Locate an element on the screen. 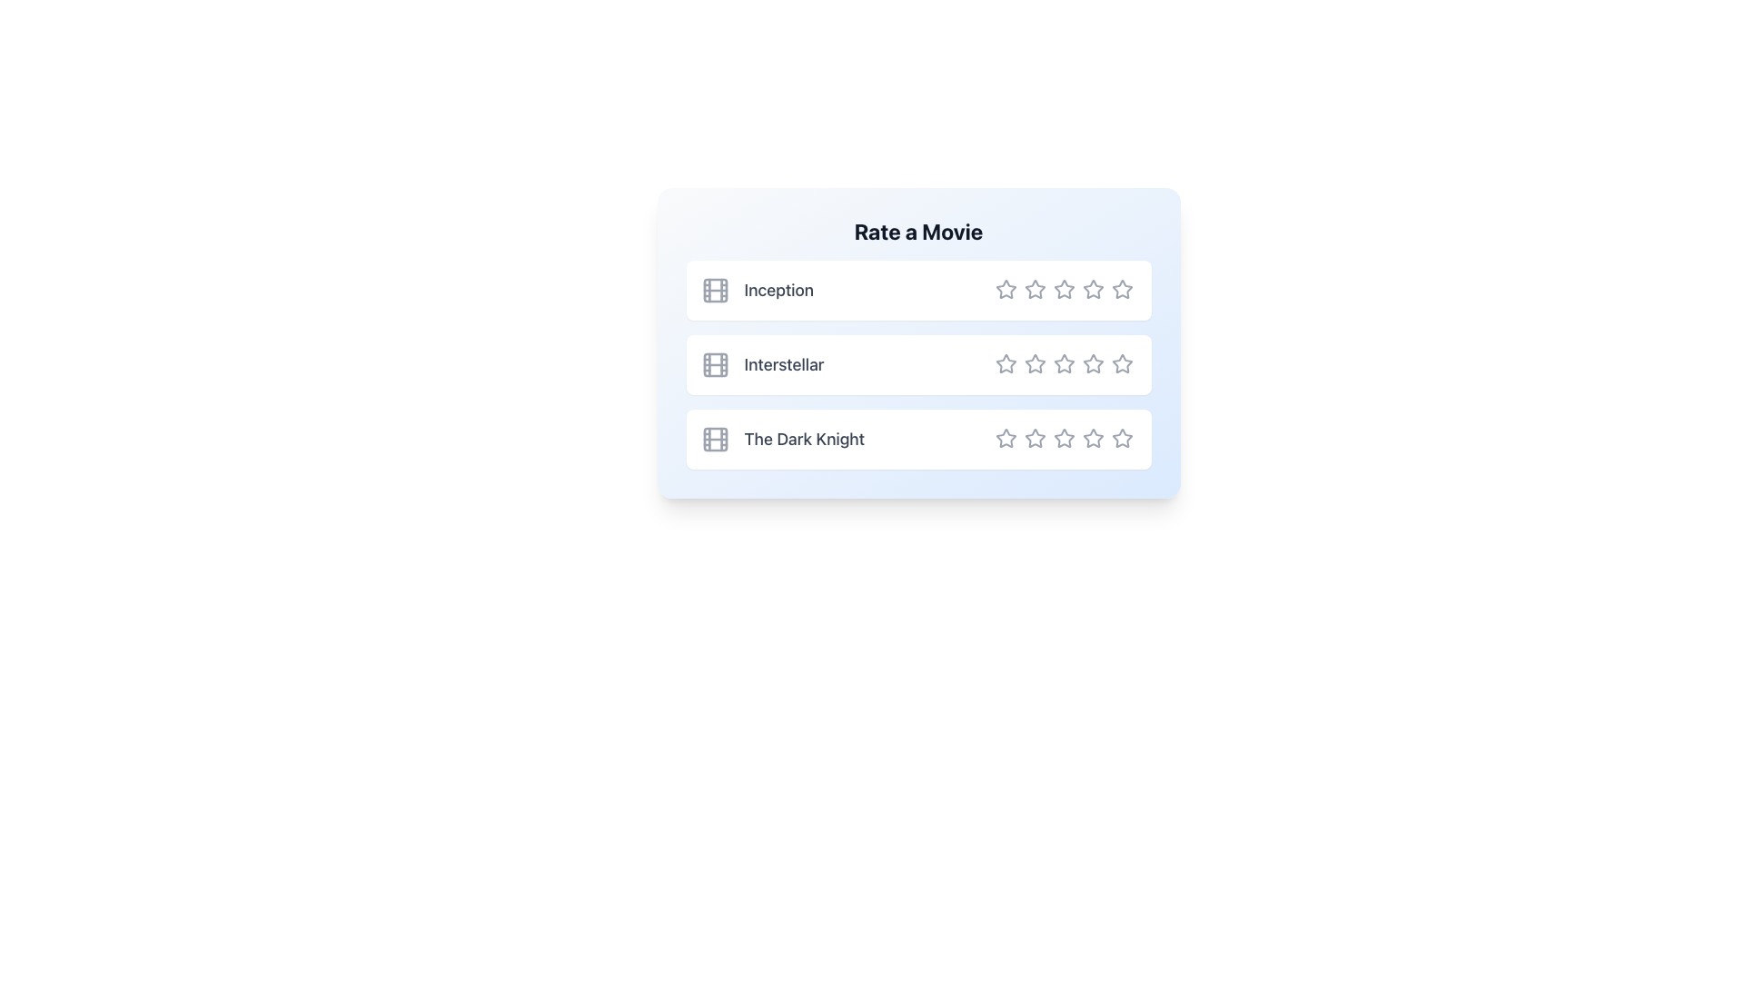 Image resolution: width=1744 pixels, height=981 pixels. the first star icon in the rating system for the movie 'Inception' to rate it 1 star is located at coordinates (1005, 287).